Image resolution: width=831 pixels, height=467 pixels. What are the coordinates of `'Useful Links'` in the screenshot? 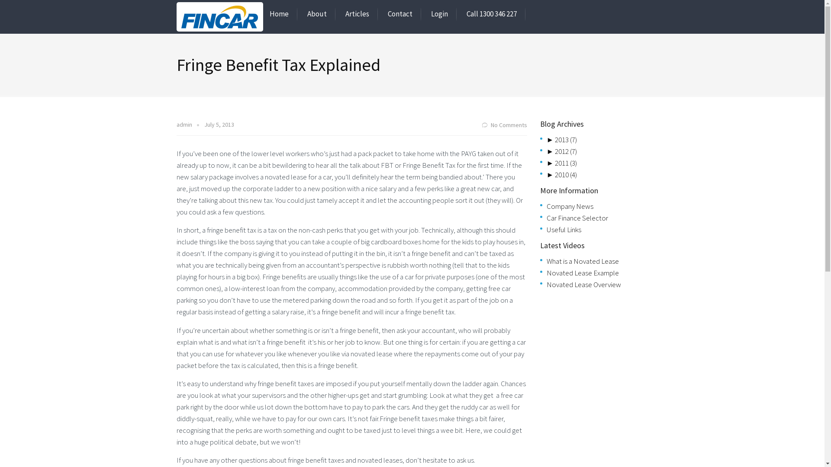 It's located at (563, 229).